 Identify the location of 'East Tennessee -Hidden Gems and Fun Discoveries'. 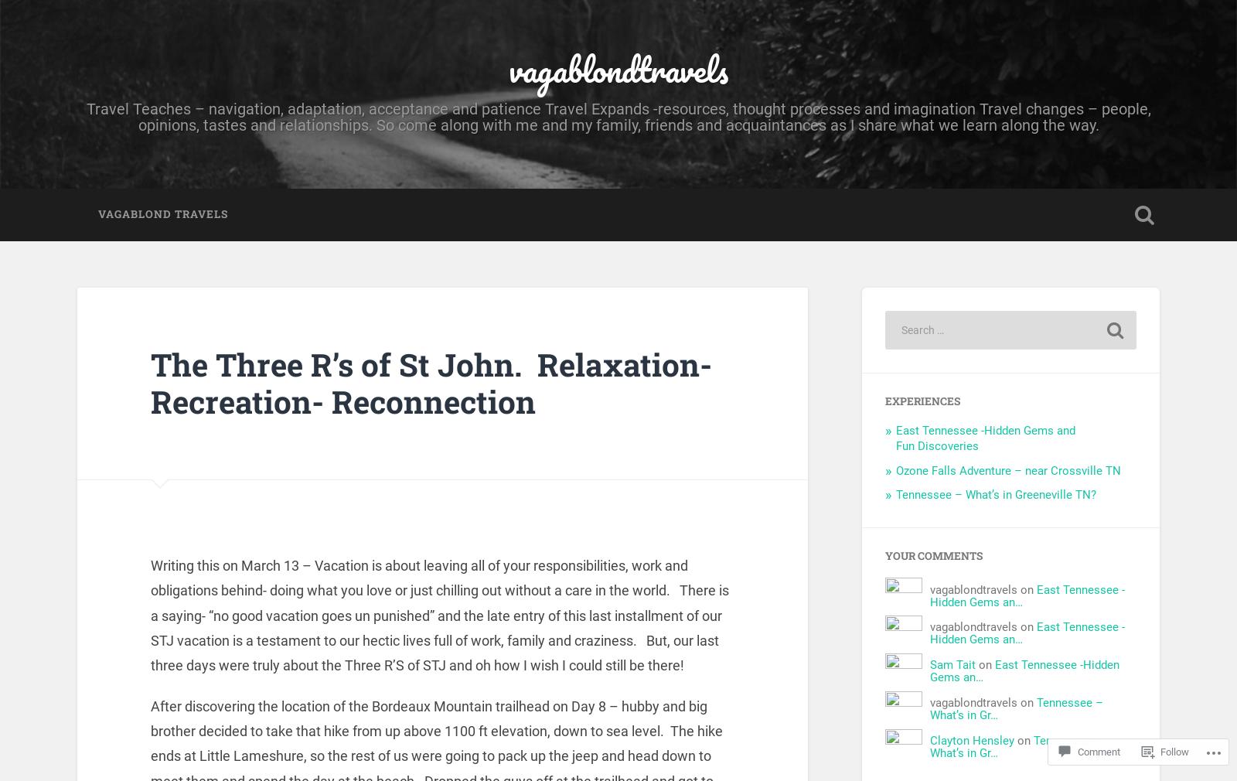
(985, 437).